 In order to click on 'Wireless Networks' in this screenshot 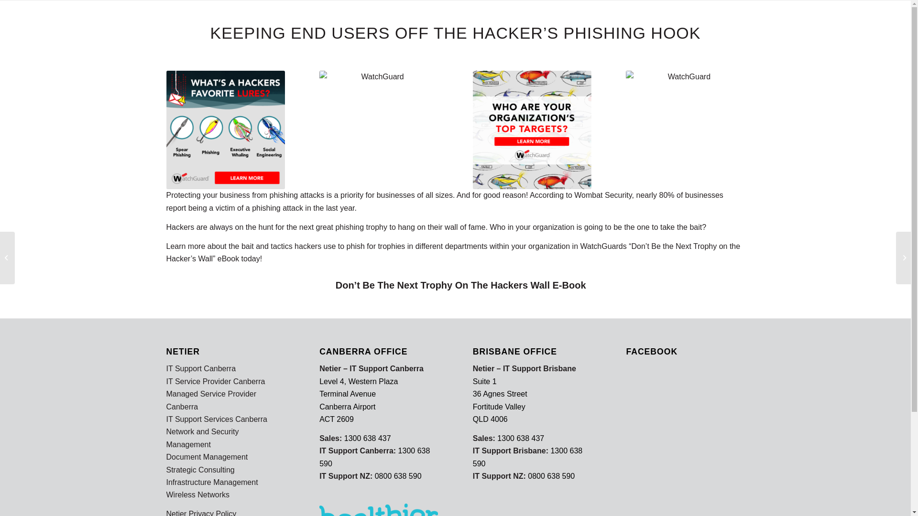, I will do `click(197, 494)`.